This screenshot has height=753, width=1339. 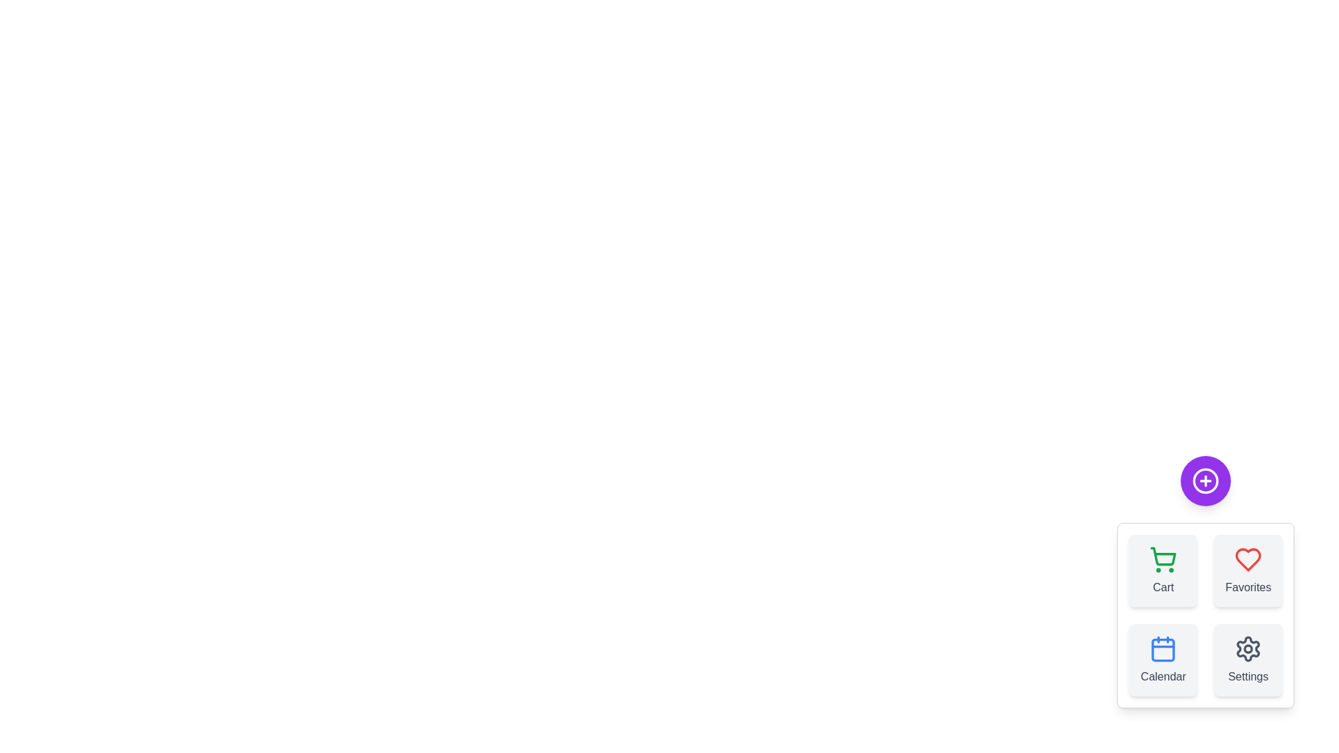 What do you see at coordinates (1163, 570) in the screenshot?
I see `the 'Cart' button` at bounding box center [1163, 570].